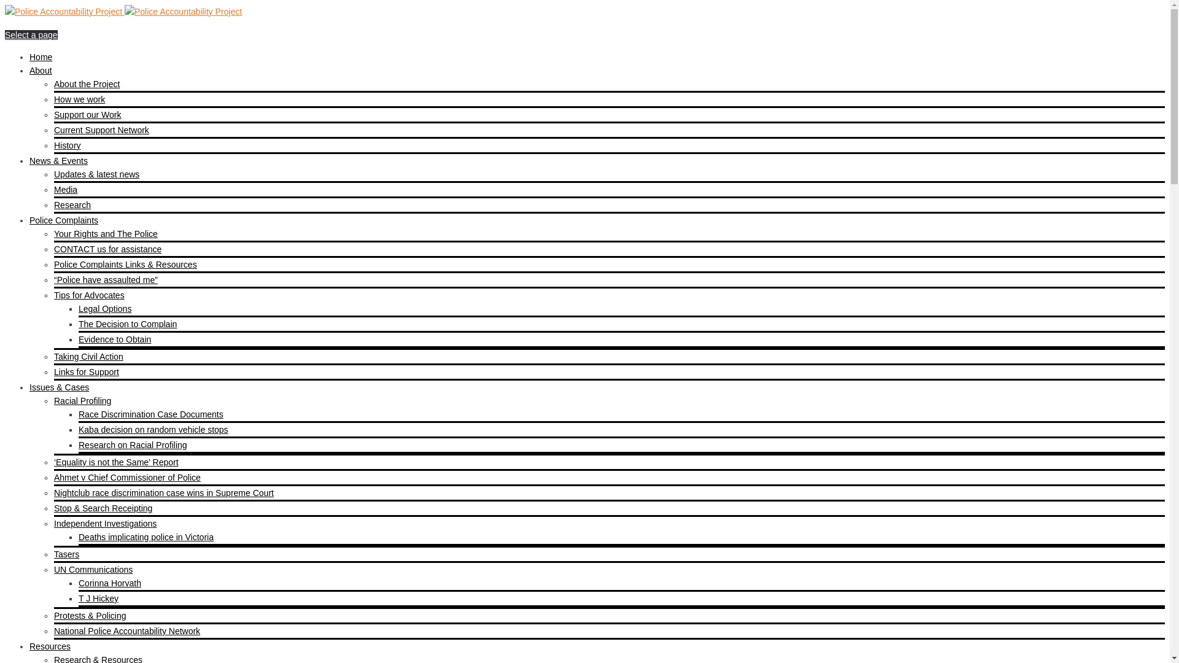  What do you see at coordinates (53, 371) in the screenshot?
I see `'Links for Support'` at bounding box center [53, 371].